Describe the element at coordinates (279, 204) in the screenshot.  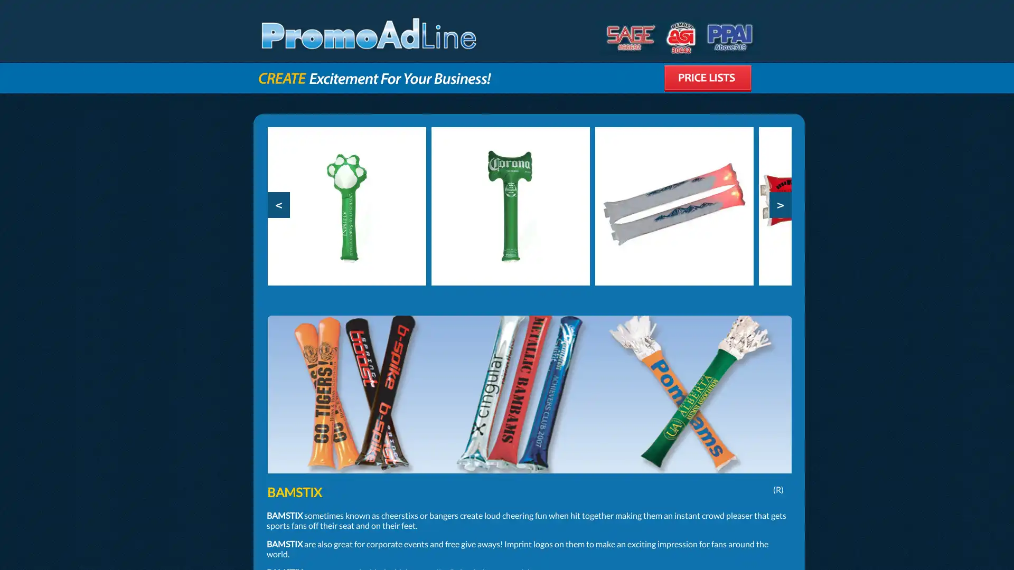
I see `<` at that location.